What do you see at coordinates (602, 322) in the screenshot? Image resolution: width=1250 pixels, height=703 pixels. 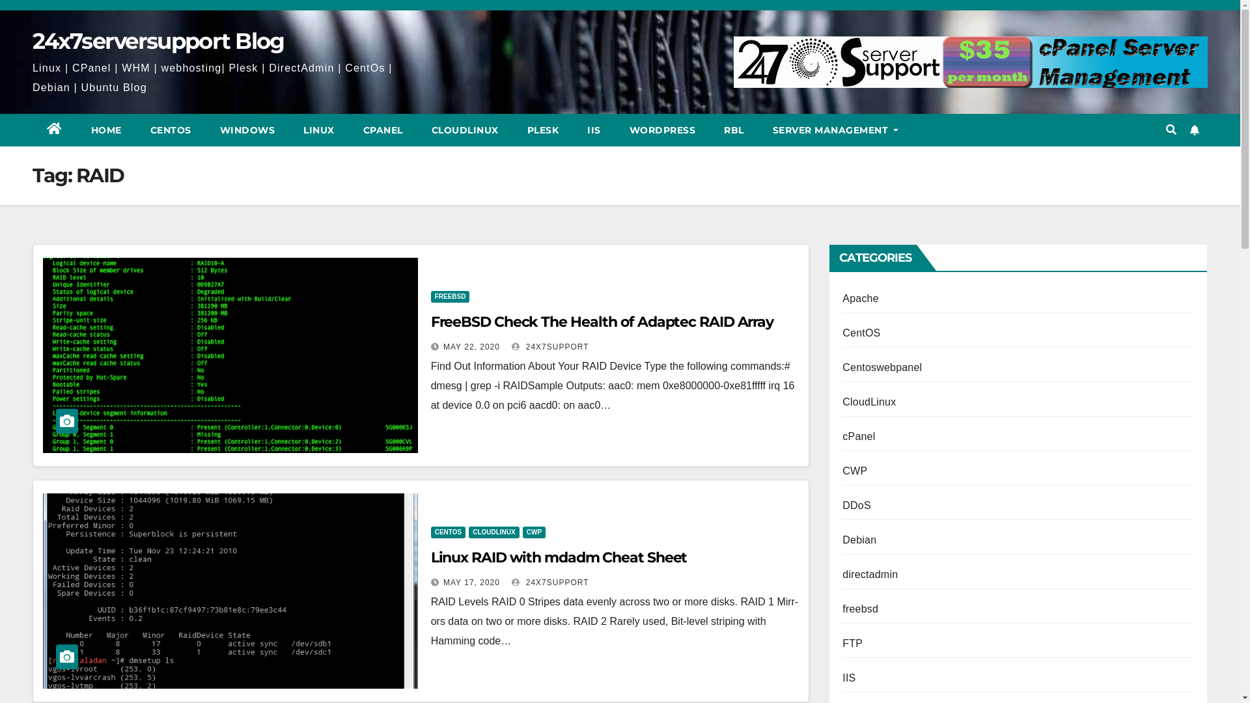 I see `'FreeBSD Check The Health of Adaptec RAID Array'` at bounding box center [602, 322].